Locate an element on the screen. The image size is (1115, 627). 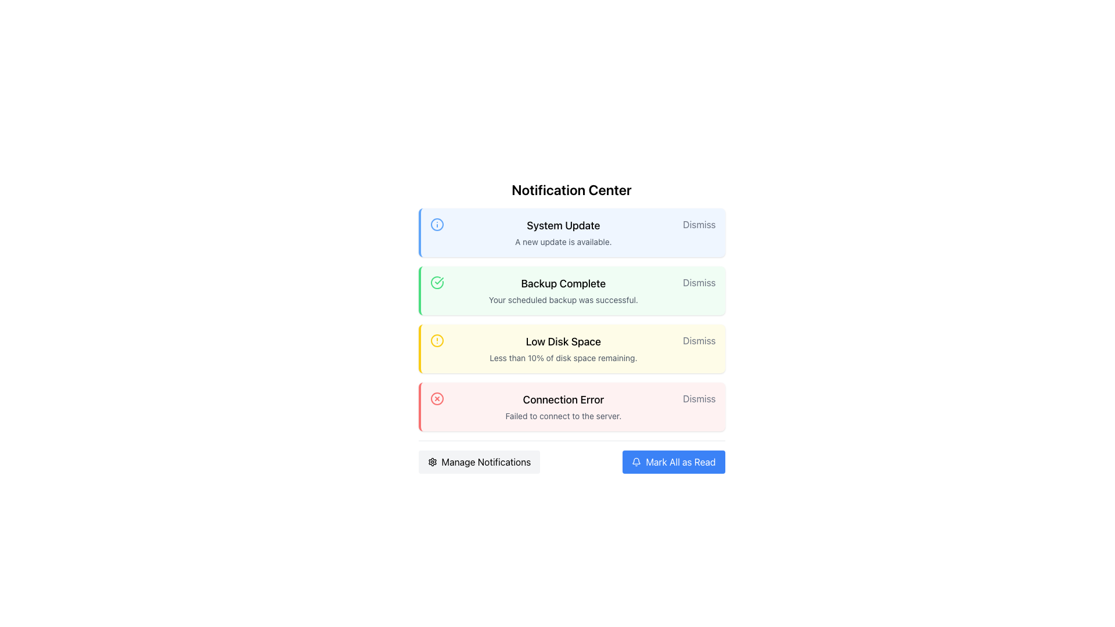
the cogwheel icon located to the left of the 'Manage Notifications' button at the bottom left of the notification interface is located at coordinates (431, 461).